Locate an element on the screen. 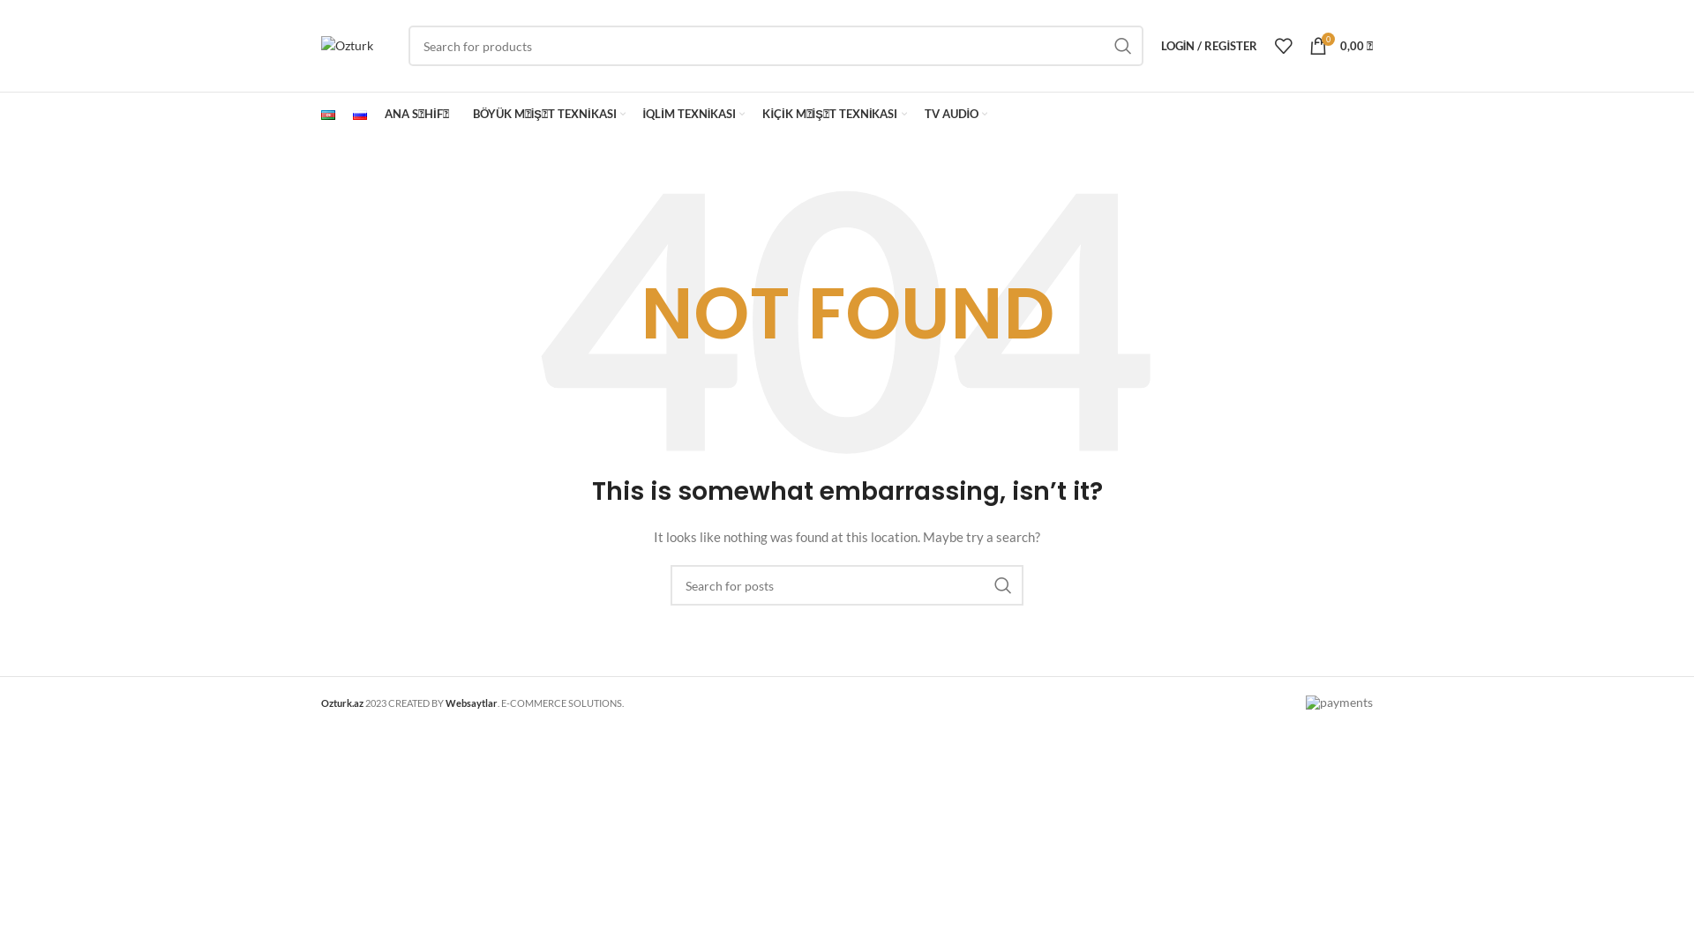  'LOGIN / REGISTER' is located at coordinates (1208, 44).